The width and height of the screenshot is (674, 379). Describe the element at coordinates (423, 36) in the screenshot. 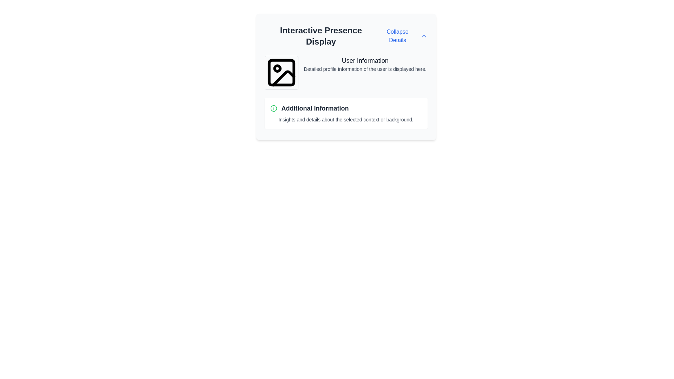

I see `the small upward-pointing chevron icon next to the 'Collapse Details' text` at that location.